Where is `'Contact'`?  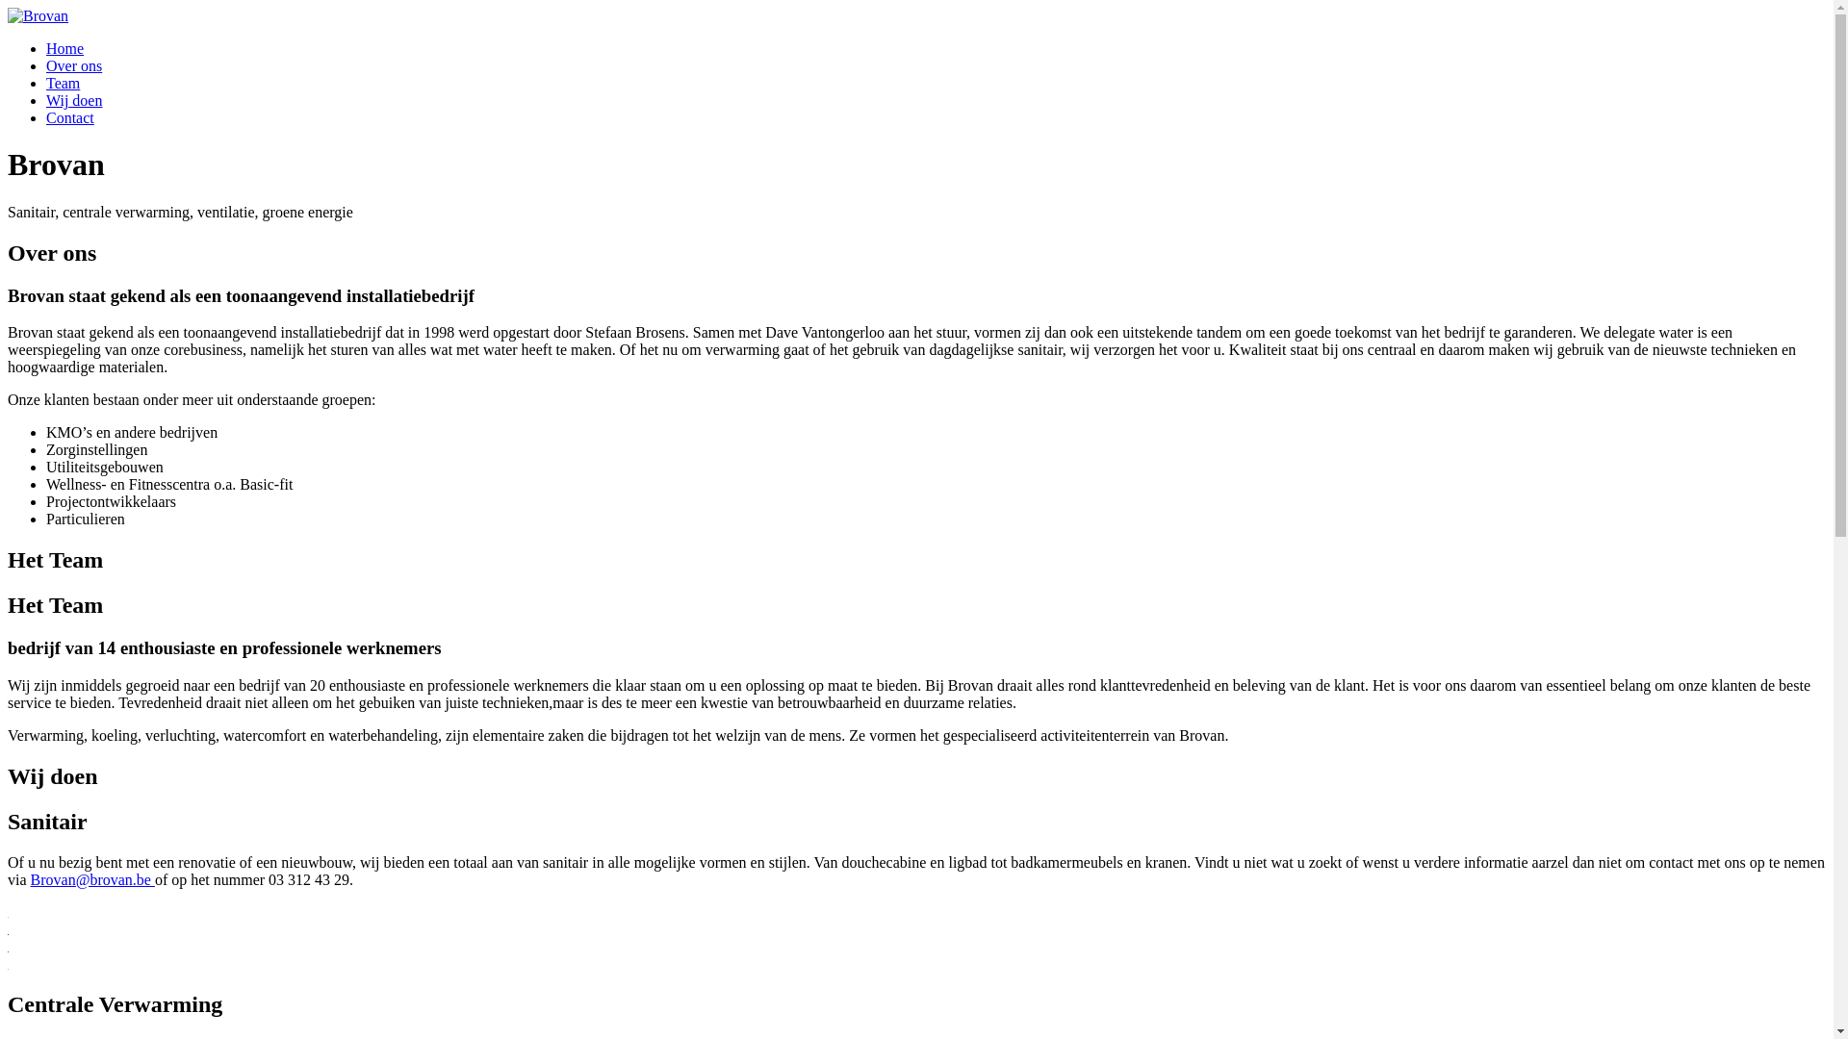
'Contact' is located at coordinates (69, 117).